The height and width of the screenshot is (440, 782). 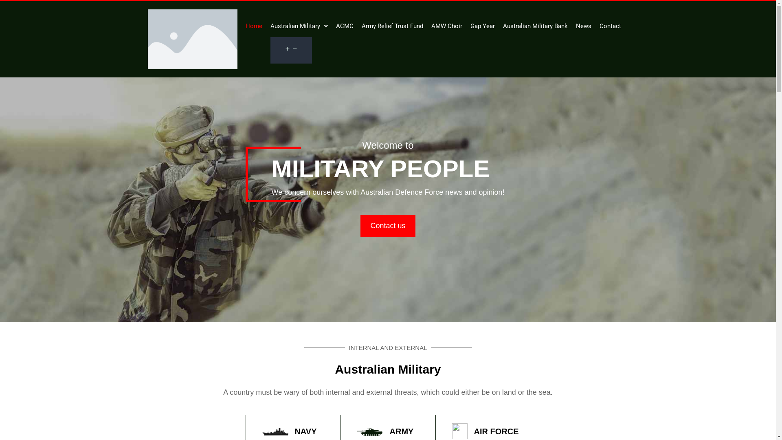 I want to click on 'AMW Choir', so click(x=430, y=26).